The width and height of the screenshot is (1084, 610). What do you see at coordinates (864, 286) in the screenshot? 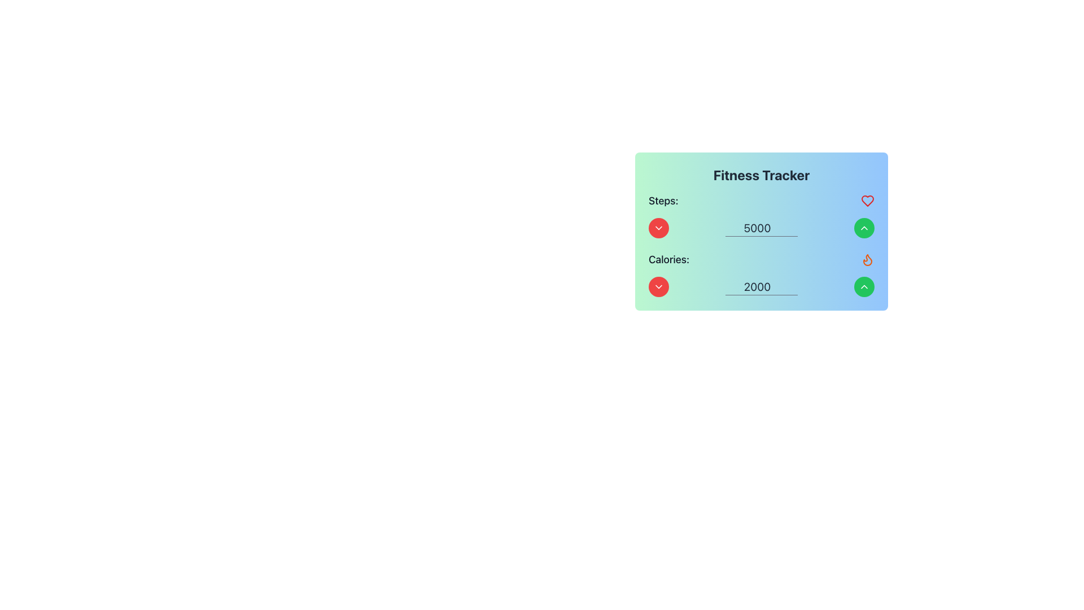
I see `the upward-pointing arrow inside the green circular button to increase the steps counter value` at bounding box center [864, 286].